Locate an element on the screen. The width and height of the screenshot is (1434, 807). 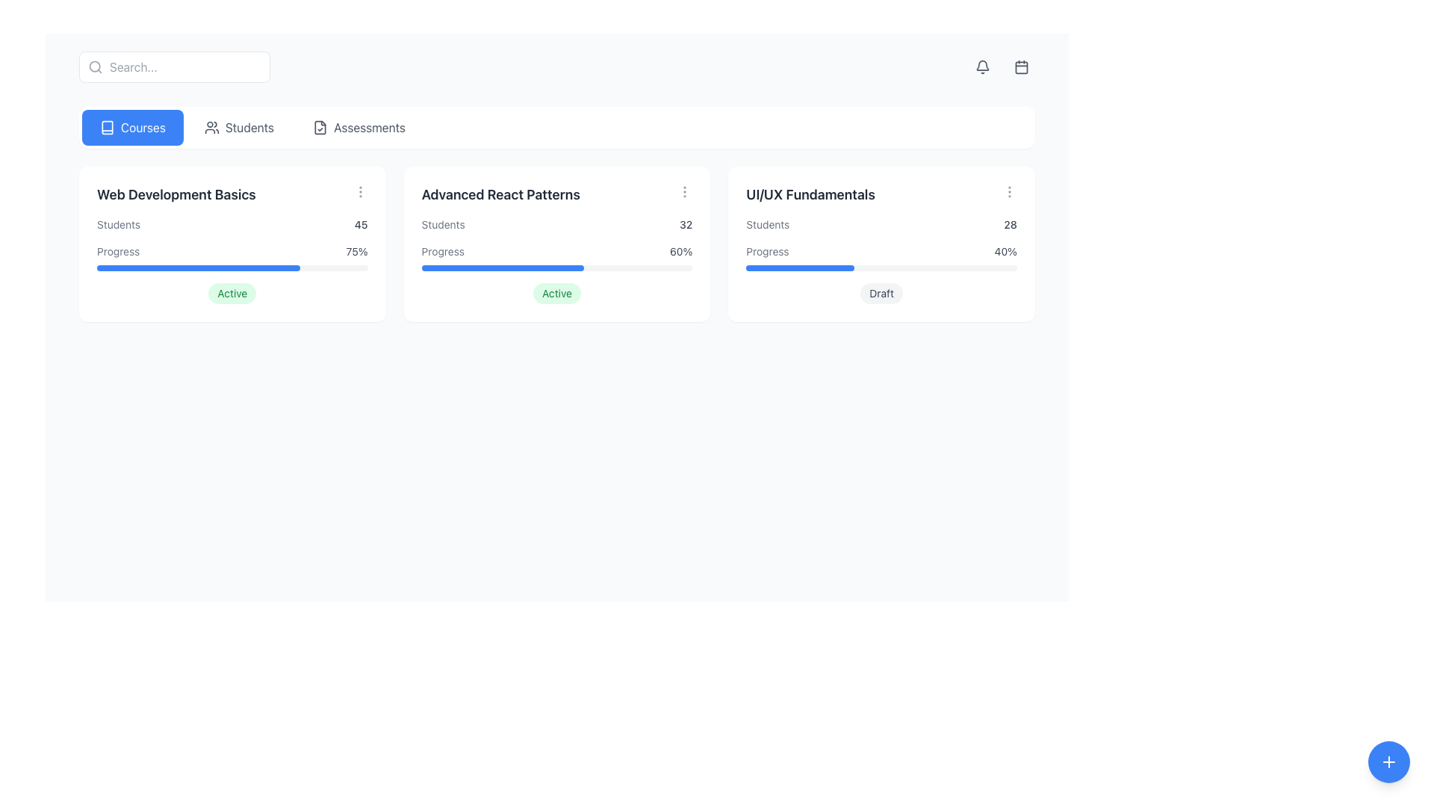
the notification icon button located in the top right area of the interface is located at coordinates (982, 66).